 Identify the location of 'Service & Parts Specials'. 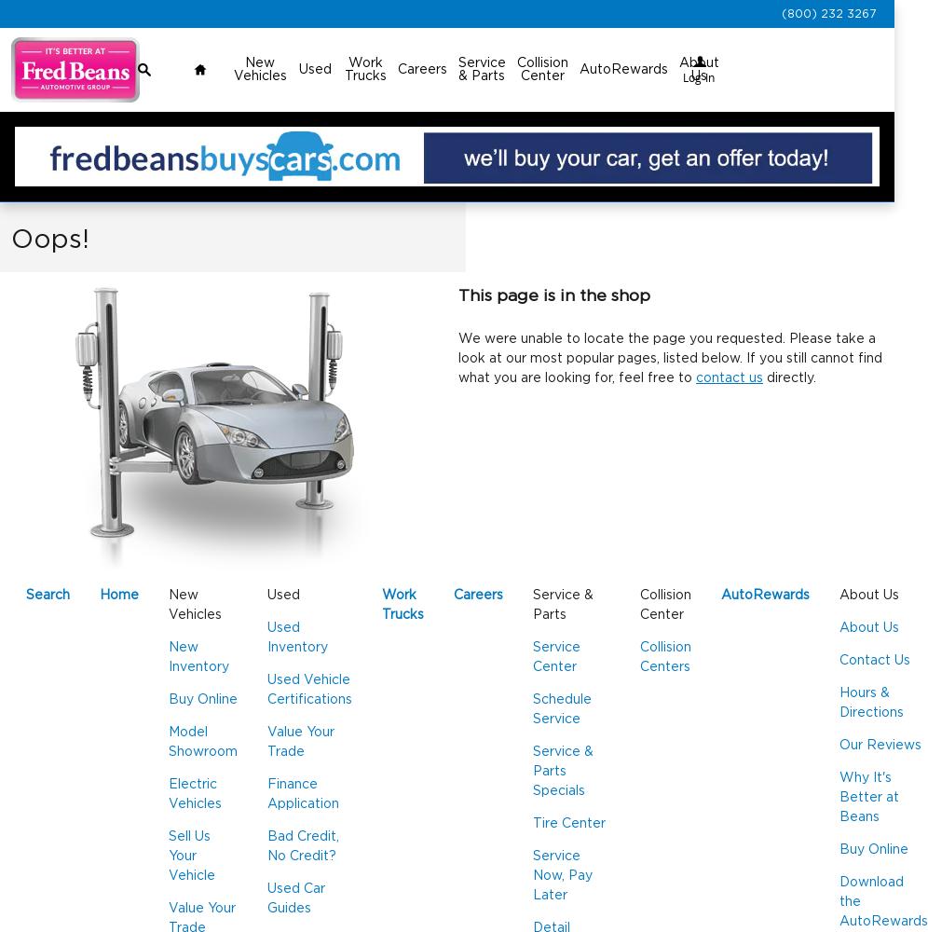
(563, 771).